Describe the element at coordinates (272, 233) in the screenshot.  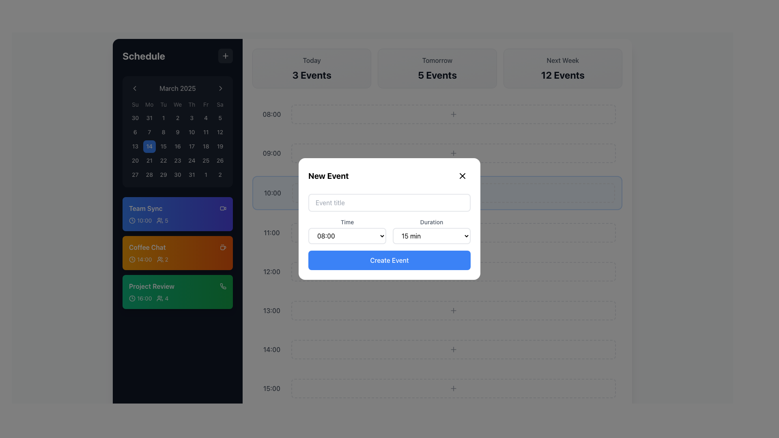
I see `the static text label that indicates specific time slots, located on the right-hand side of the interface within a scrollable area` at that location.